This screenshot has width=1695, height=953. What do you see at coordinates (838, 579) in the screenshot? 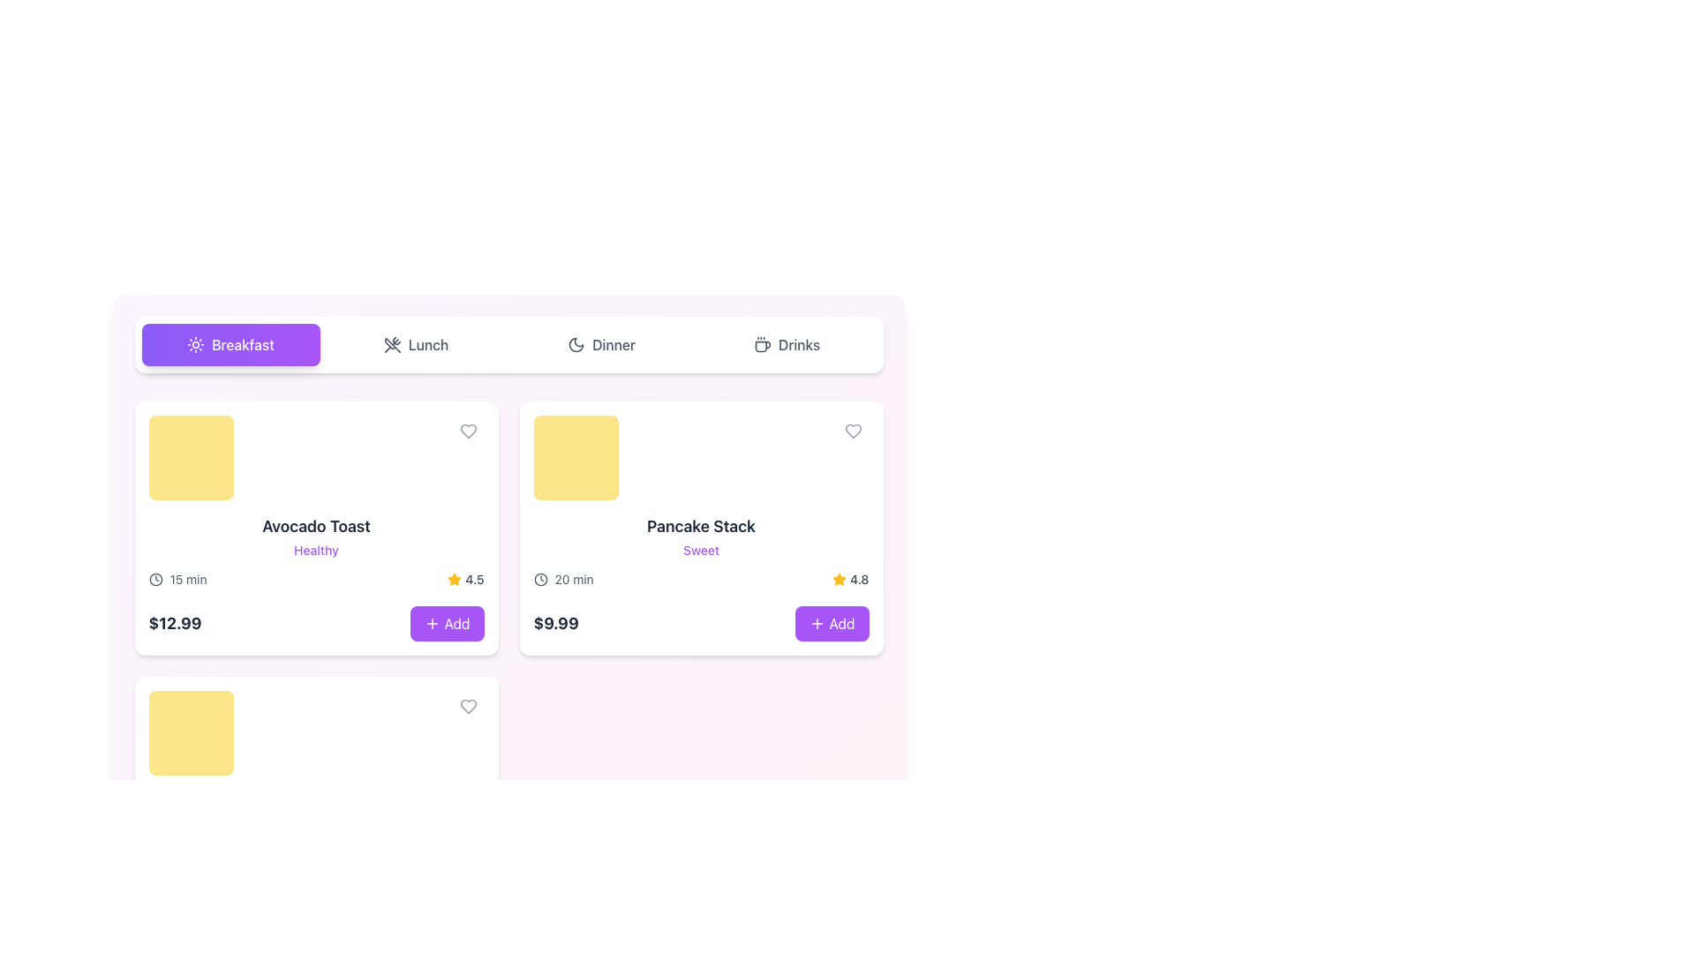
I see `the rating icon that visually represents the quality of the 'Pancake Stack' item, which is located in the bottom-right corner of the item card, above the price and add-to-cart button` at bounding box center [838, 579].